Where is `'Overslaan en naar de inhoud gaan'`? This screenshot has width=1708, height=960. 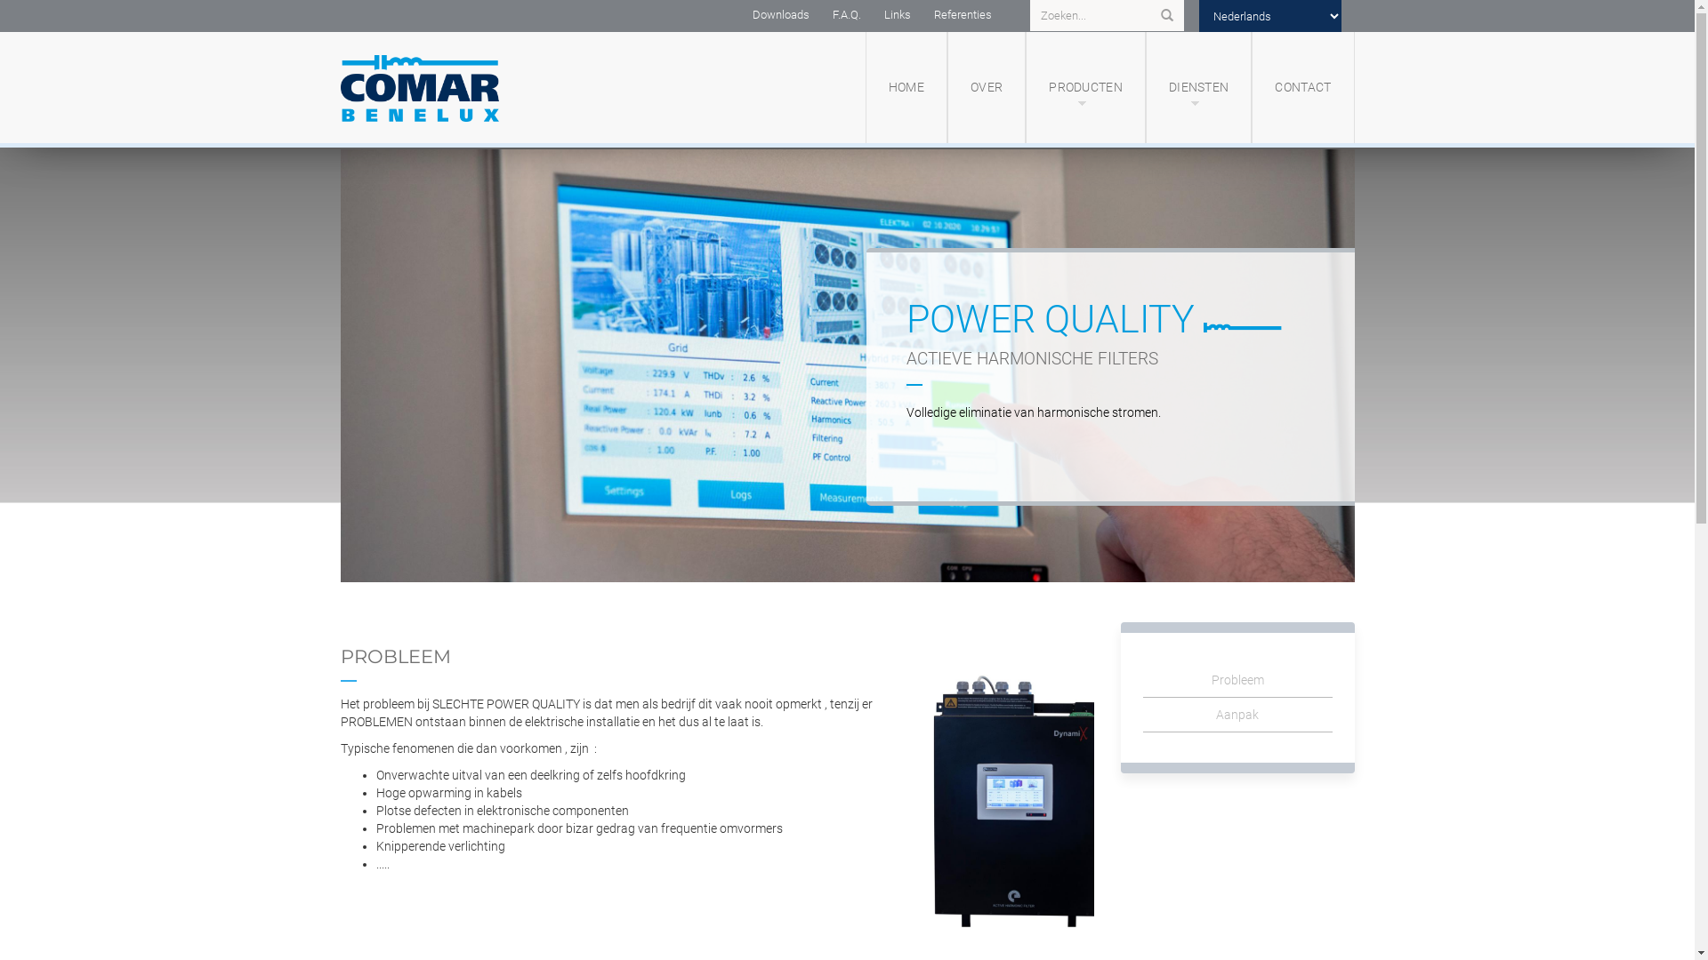
'Overslaan en naar de inhoud gaan' is located at coordinates (0, 141).